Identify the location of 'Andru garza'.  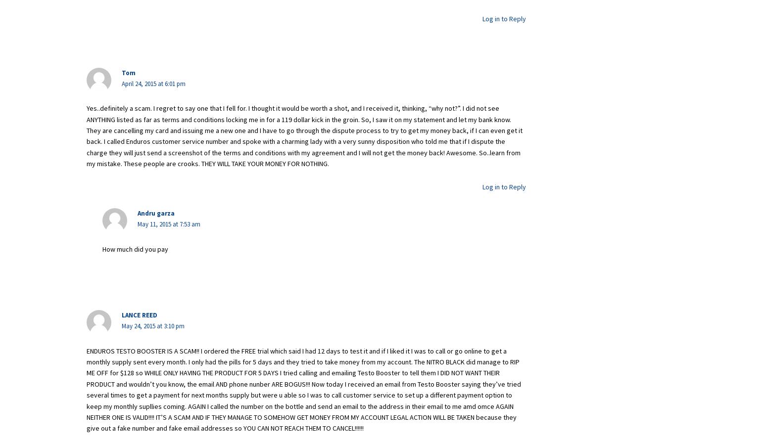
(138, 213).